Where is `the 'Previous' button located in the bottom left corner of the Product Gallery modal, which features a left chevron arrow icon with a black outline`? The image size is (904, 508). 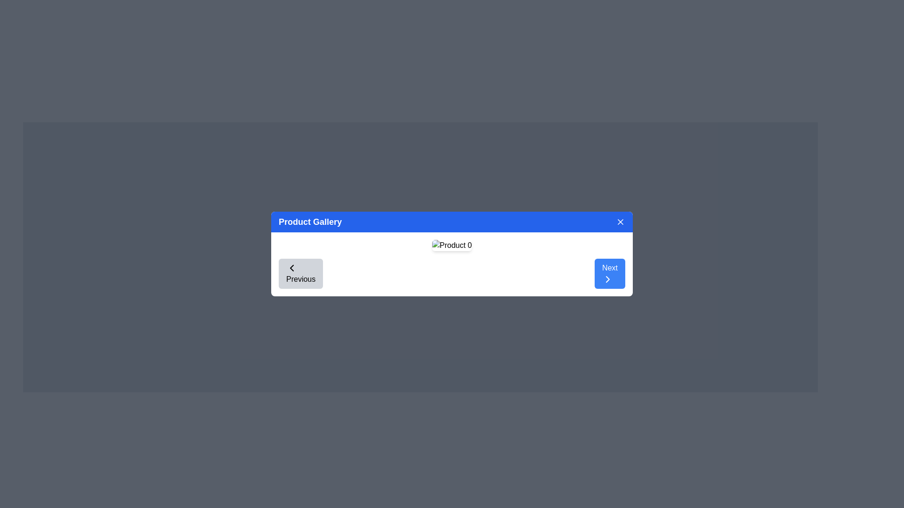 the 'Previous' button located in the bottom left corner of the Product Gallery modal, which features a left chevron arrow icon with a black outline is located at coordinates (291, 268).